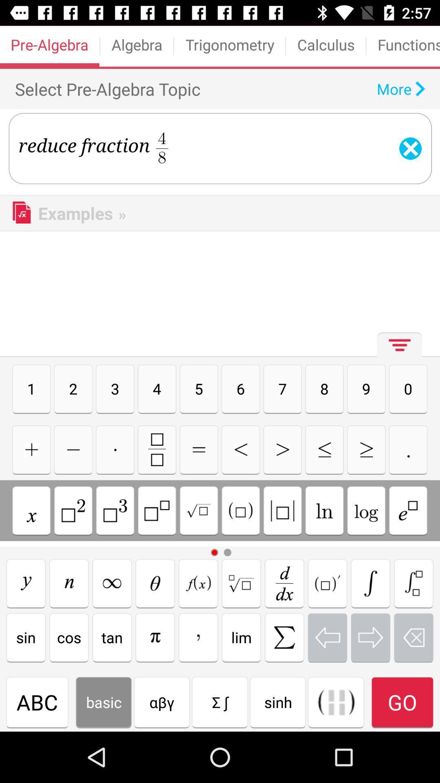 Image resolution: width=440 pixels, height=783 pixels. I want to click on symbol, so click(155, 637).